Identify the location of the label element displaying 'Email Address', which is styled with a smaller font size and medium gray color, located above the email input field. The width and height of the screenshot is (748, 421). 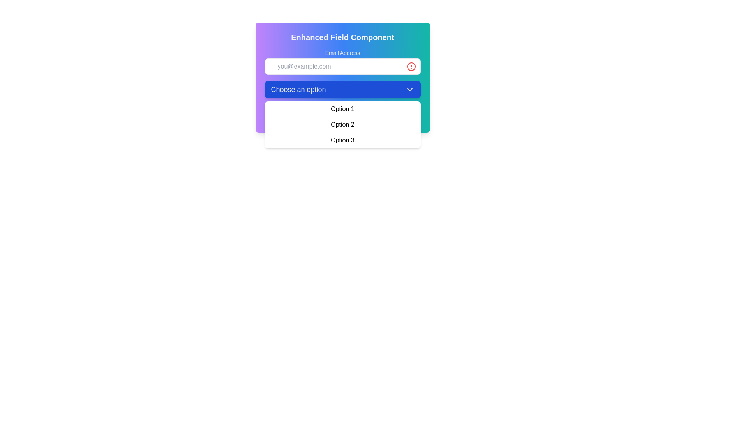
(342, 61).